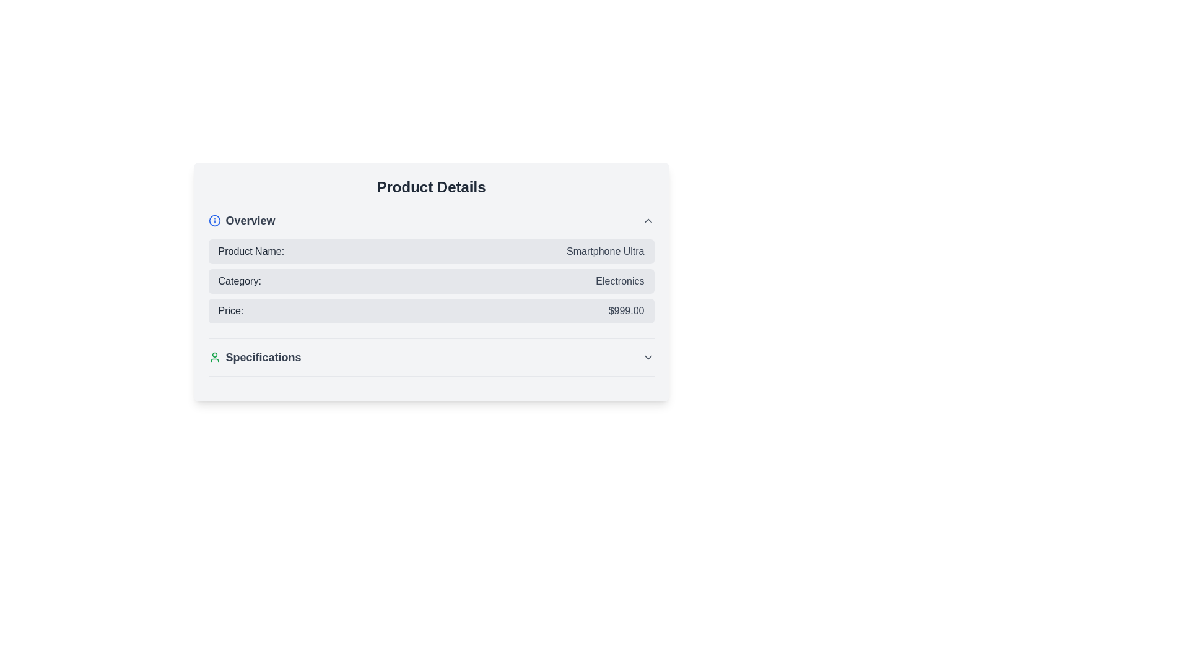 The width and height of the screenshot is (1189, 668). I want to click on the descriptive text label for the price value, located to the left of the price display with a light gray background, so click(230, 310).